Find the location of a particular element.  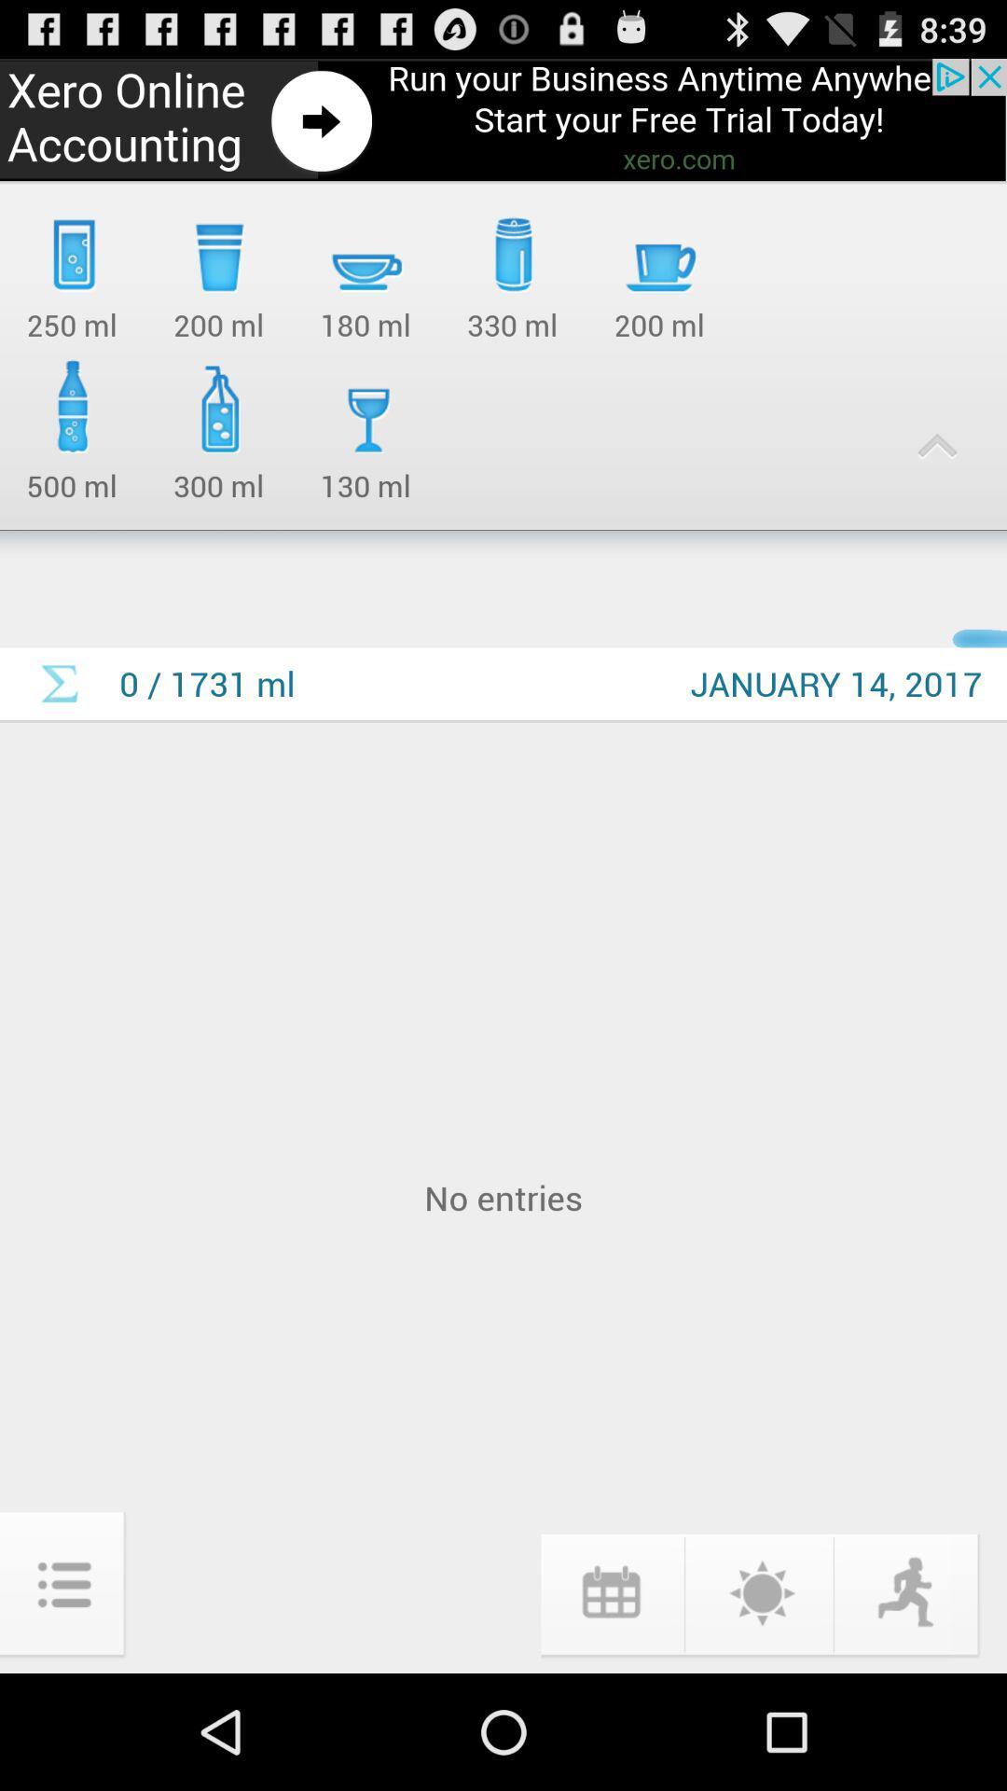

the avatar icon is located at coordinates (907, 1703).